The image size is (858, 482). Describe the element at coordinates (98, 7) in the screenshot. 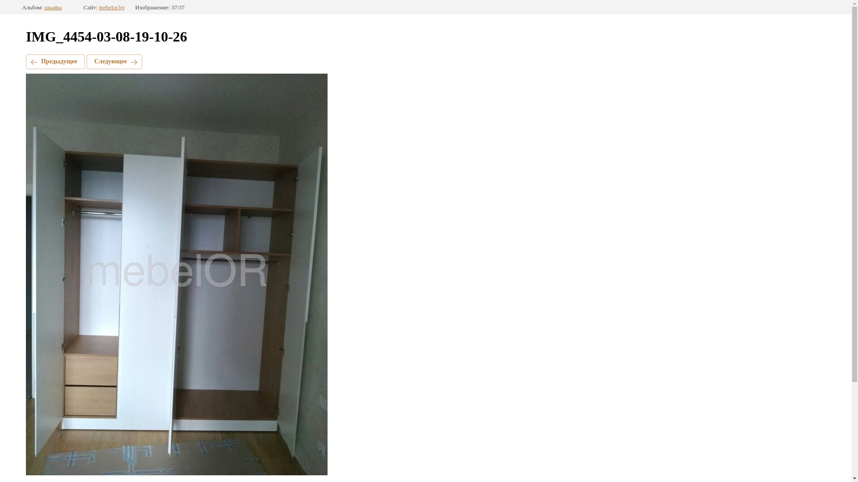

I see `'mebelor.by'` at that location.